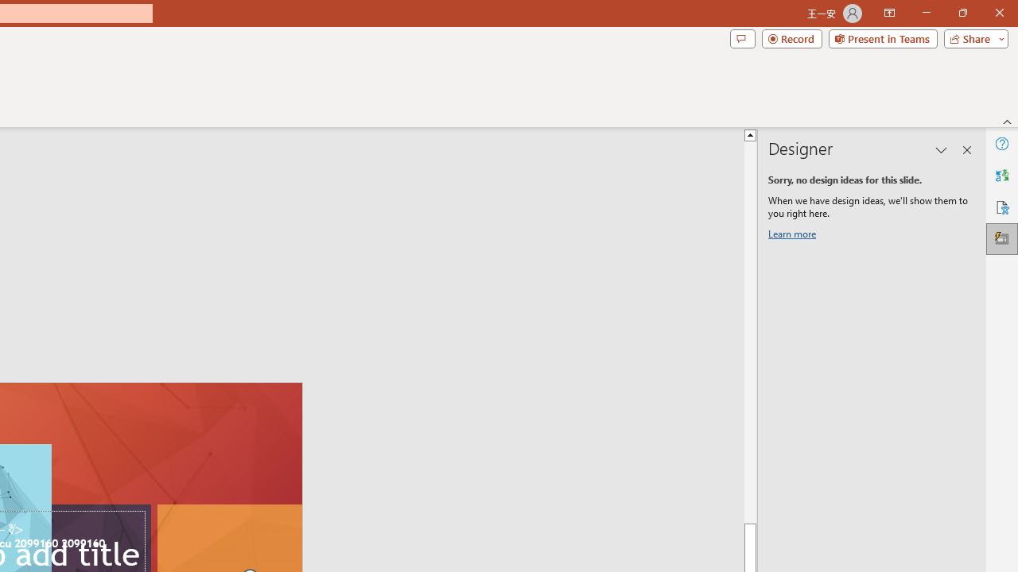 This screenshot has height=572, width=1018. What do you see at coordinates (888, 13) in the screenshot?
I see `'Ribbon Display Options'` at bounding box center [888, 13].